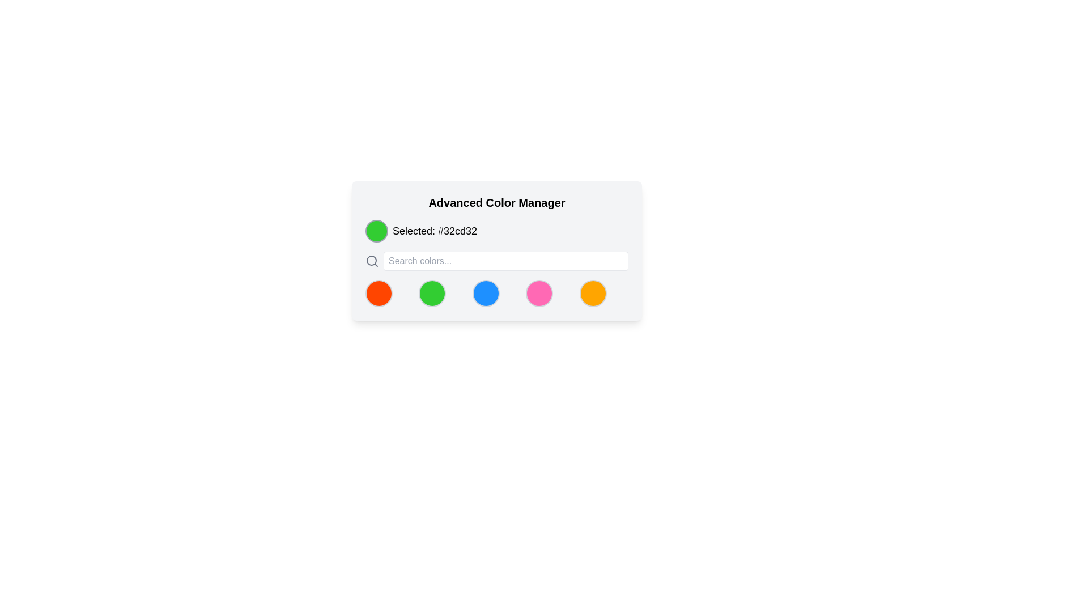 This screenshot has width=1088, height=612. I want to click on the central circle-shaped selectable button representing the color blue, so click(497, 292).